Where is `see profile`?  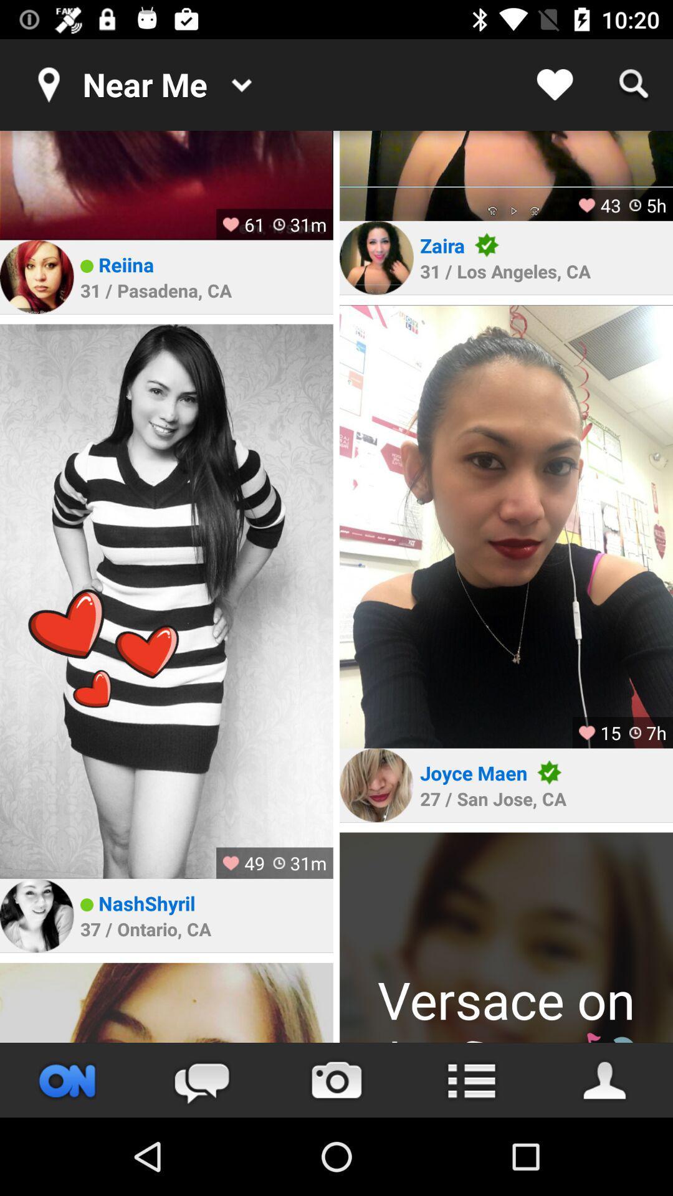
see profile is located at coordinates (36, 276).